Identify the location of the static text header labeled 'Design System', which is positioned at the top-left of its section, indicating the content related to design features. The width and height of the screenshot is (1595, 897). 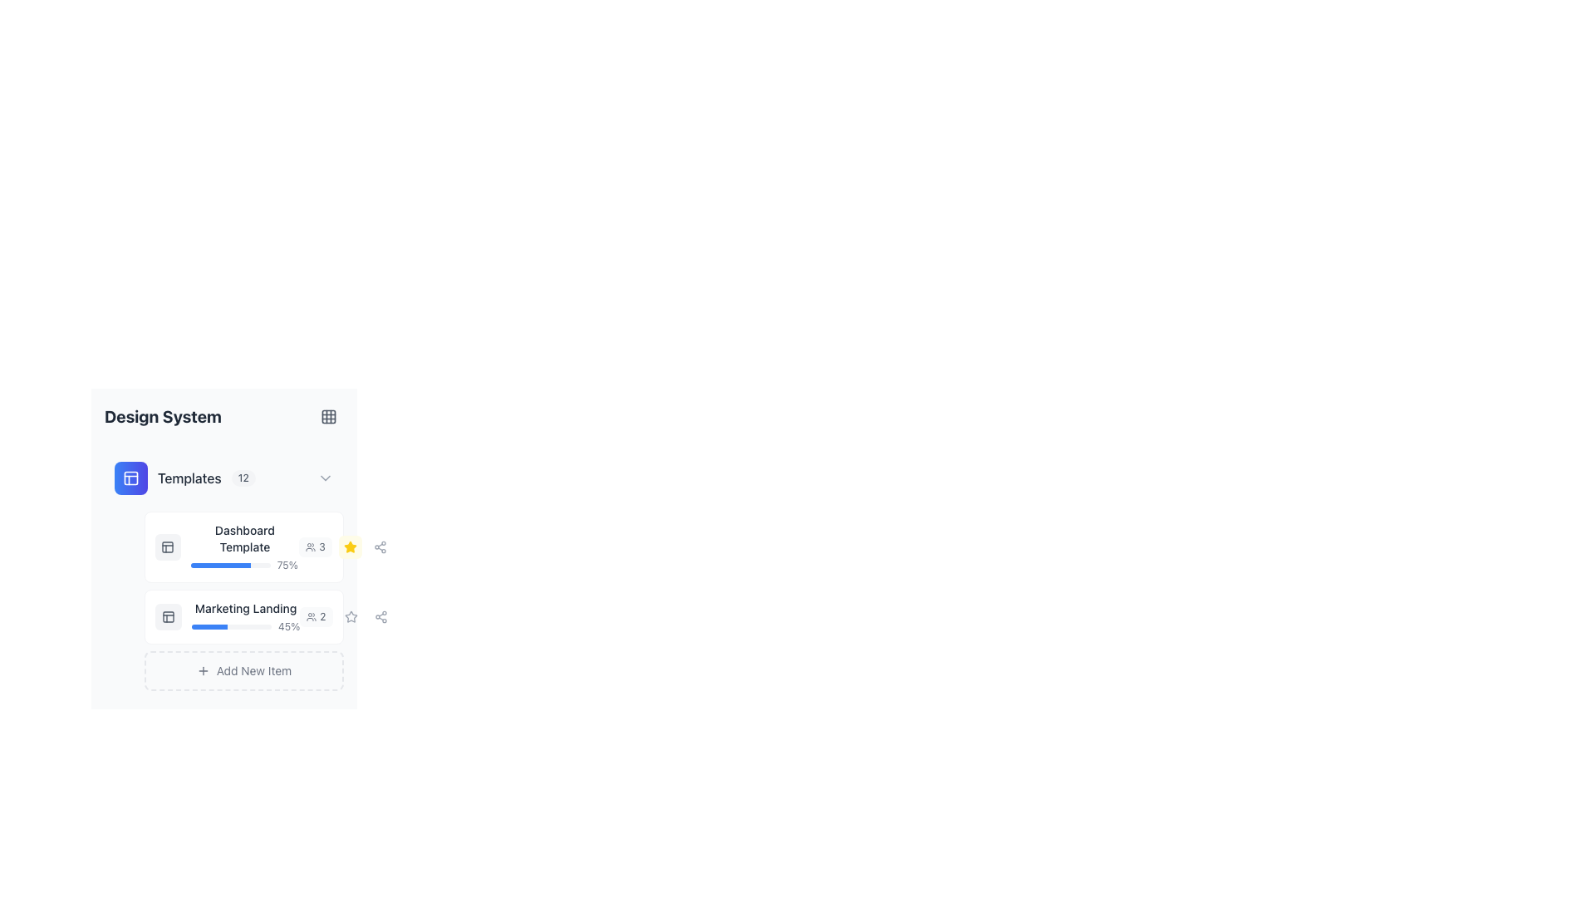
(163, 415).